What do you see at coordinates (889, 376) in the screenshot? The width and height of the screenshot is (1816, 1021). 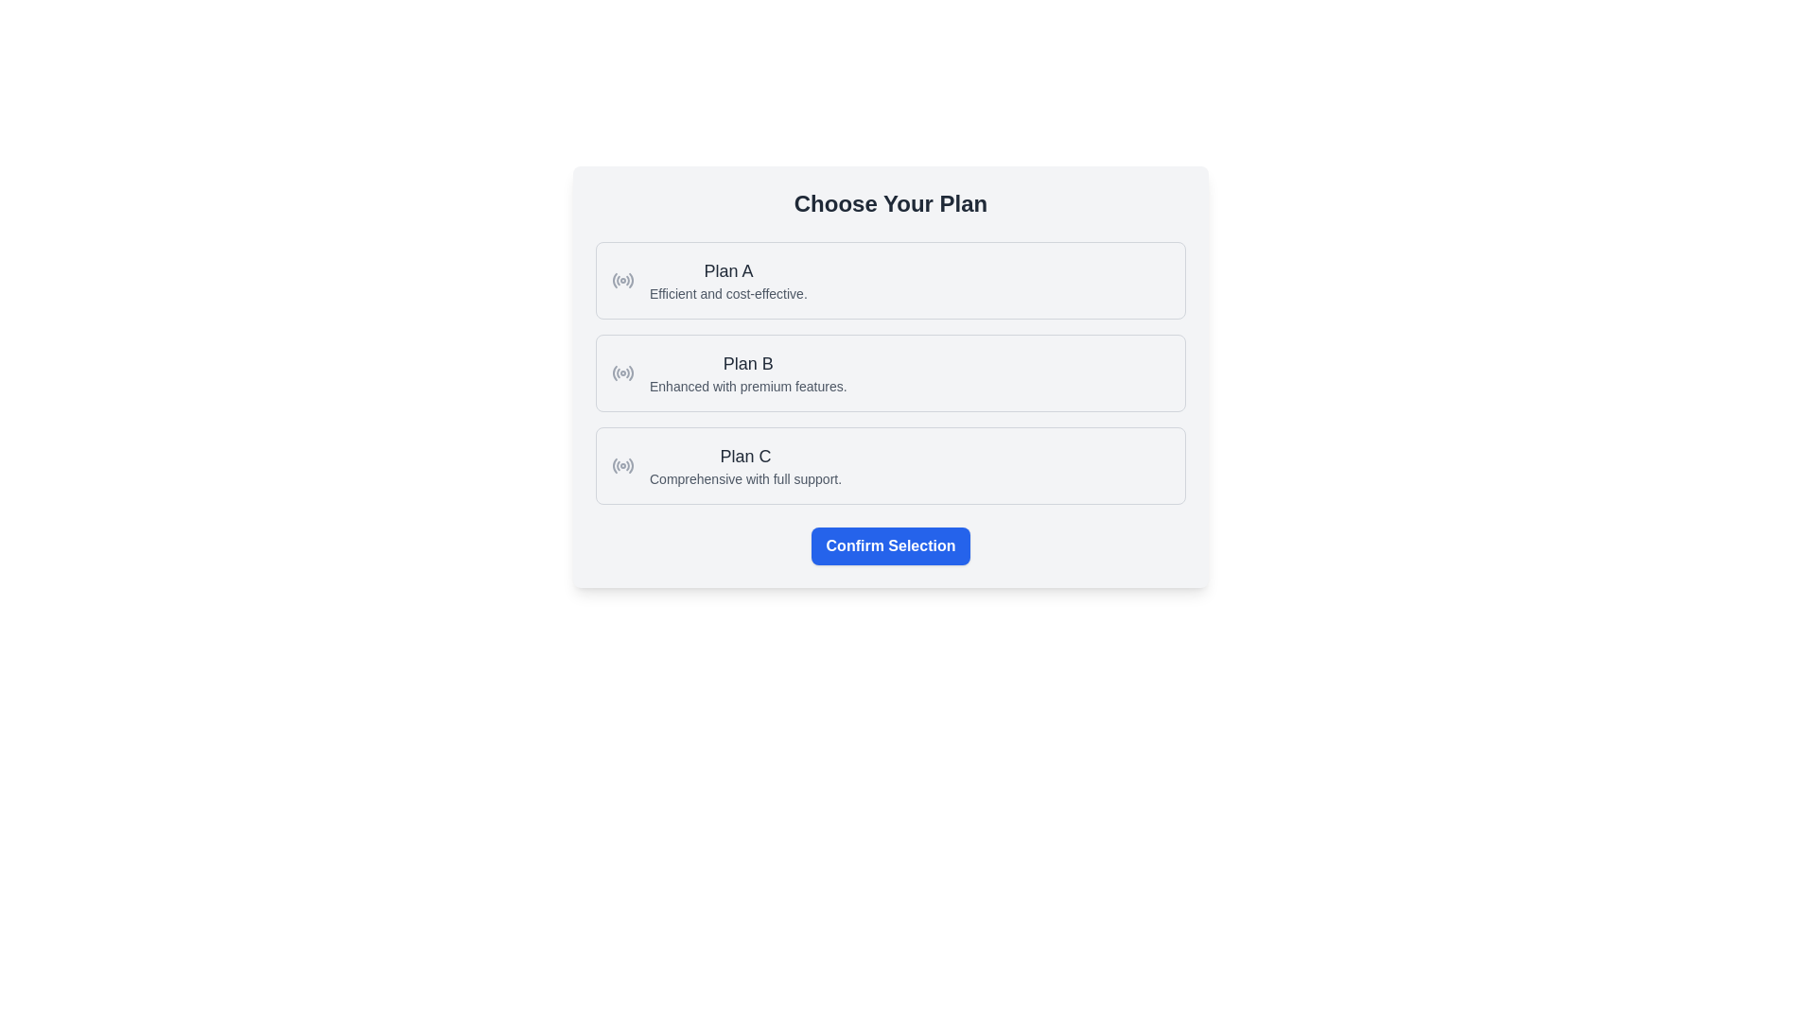 I see `the middle selectable card titled 'Plan B' in the plan selection area of the modal window` at bounding box center [889, 376].